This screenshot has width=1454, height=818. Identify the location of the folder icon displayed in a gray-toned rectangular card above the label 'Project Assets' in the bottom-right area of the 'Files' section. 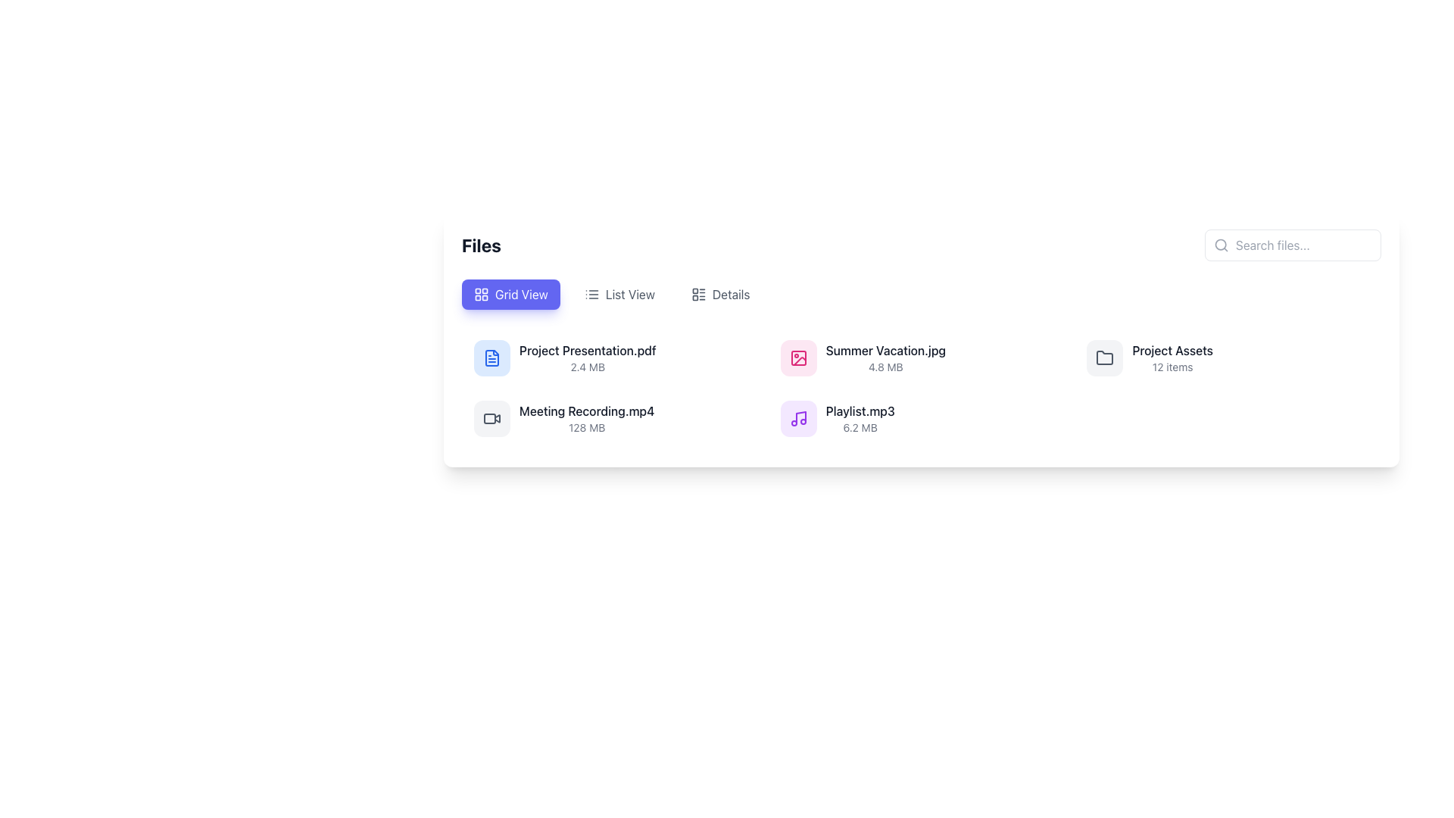
(1105, 358).